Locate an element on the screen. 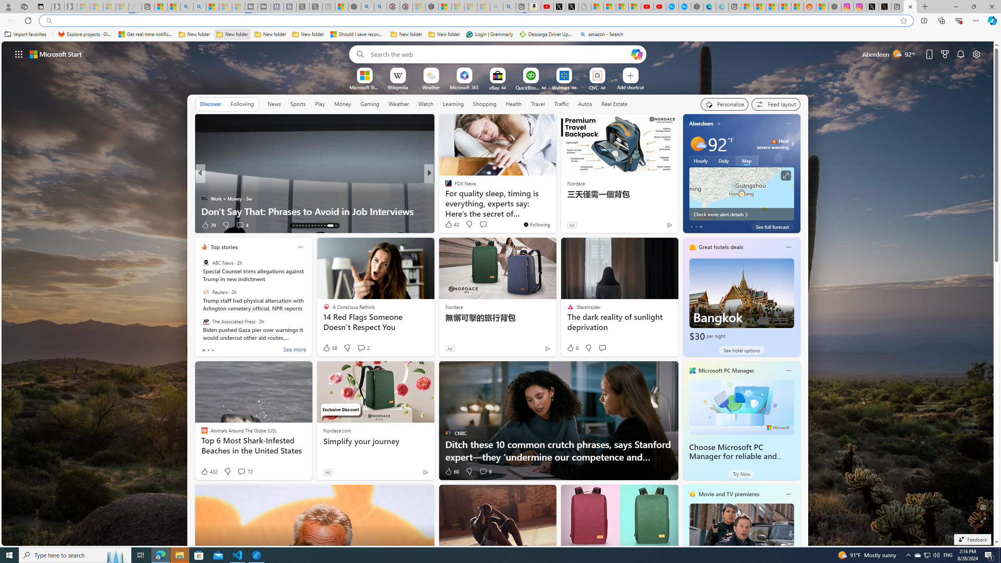  'View comments 4 Comment' is located at coordinates (241, 225).